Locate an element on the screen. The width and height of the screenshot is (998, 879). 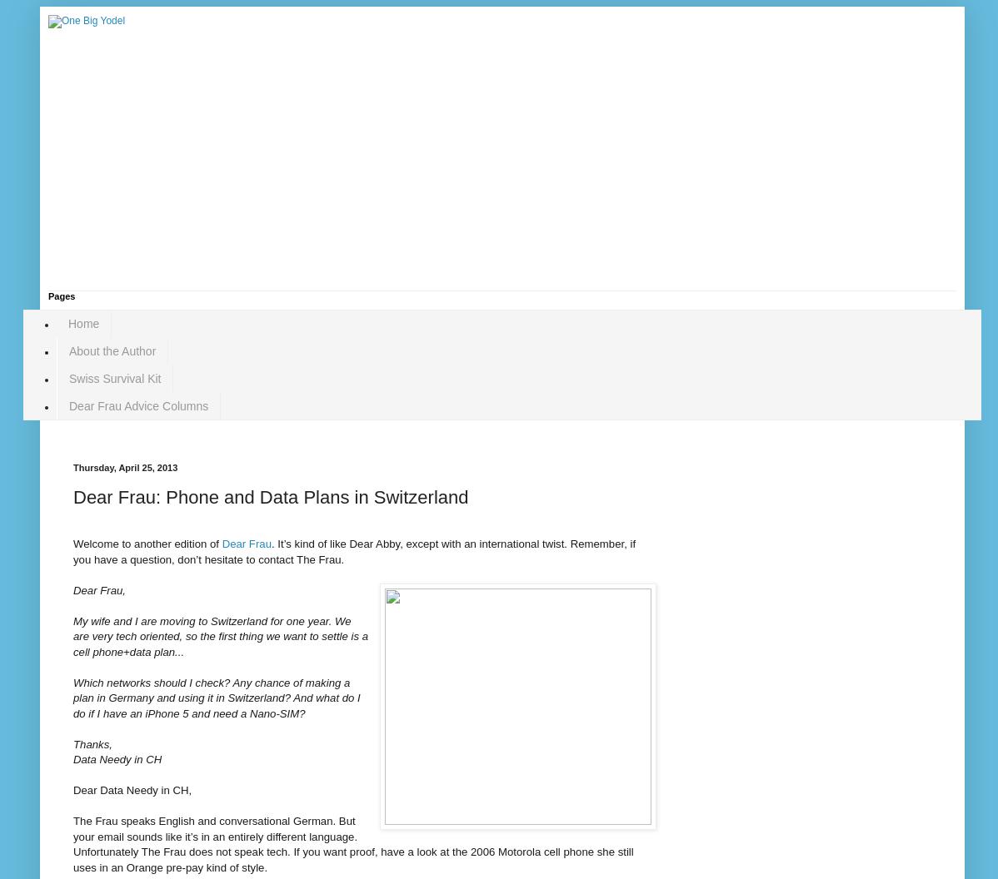
'Welcome to
another edition of' is located at coordinates (146, 543).